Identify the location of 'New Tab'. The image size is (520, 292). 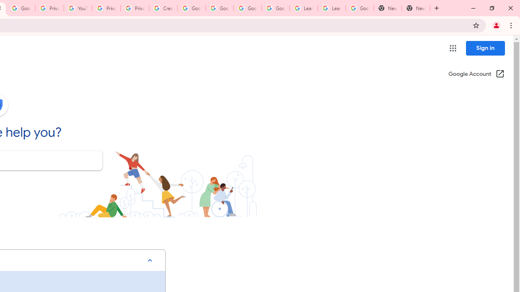
(416, 8).